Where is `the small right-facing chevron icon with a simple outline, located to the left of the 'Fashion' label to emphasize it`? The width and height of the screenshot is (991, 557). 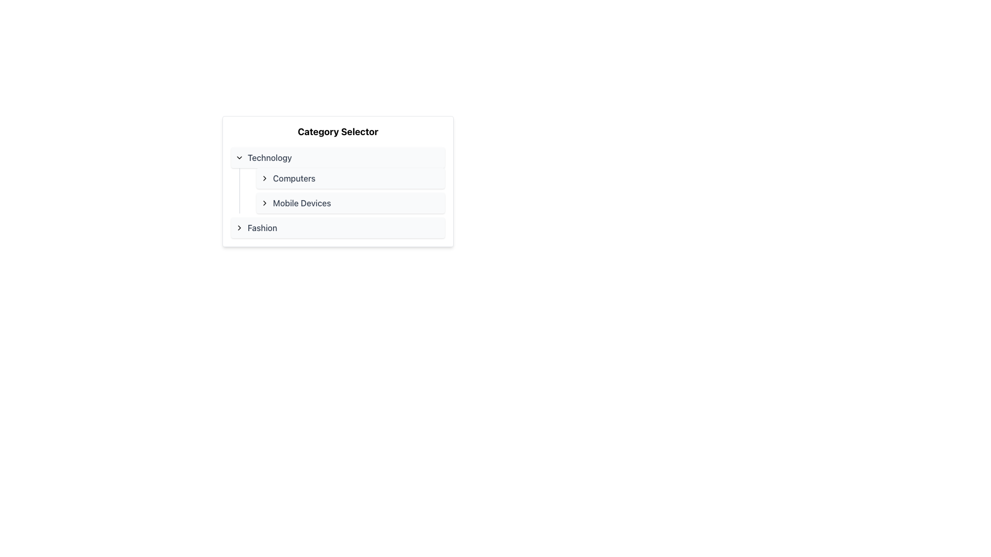 the small right-facing chevron icon with a simple outline, located to the left of the 'Fashion' label to emphasize it is located at coordinates (239, 227).